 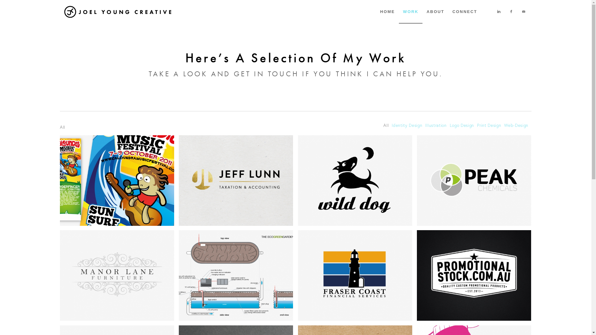 I want to click on 'Wild Dog Logo', so click(x=355, y=181).